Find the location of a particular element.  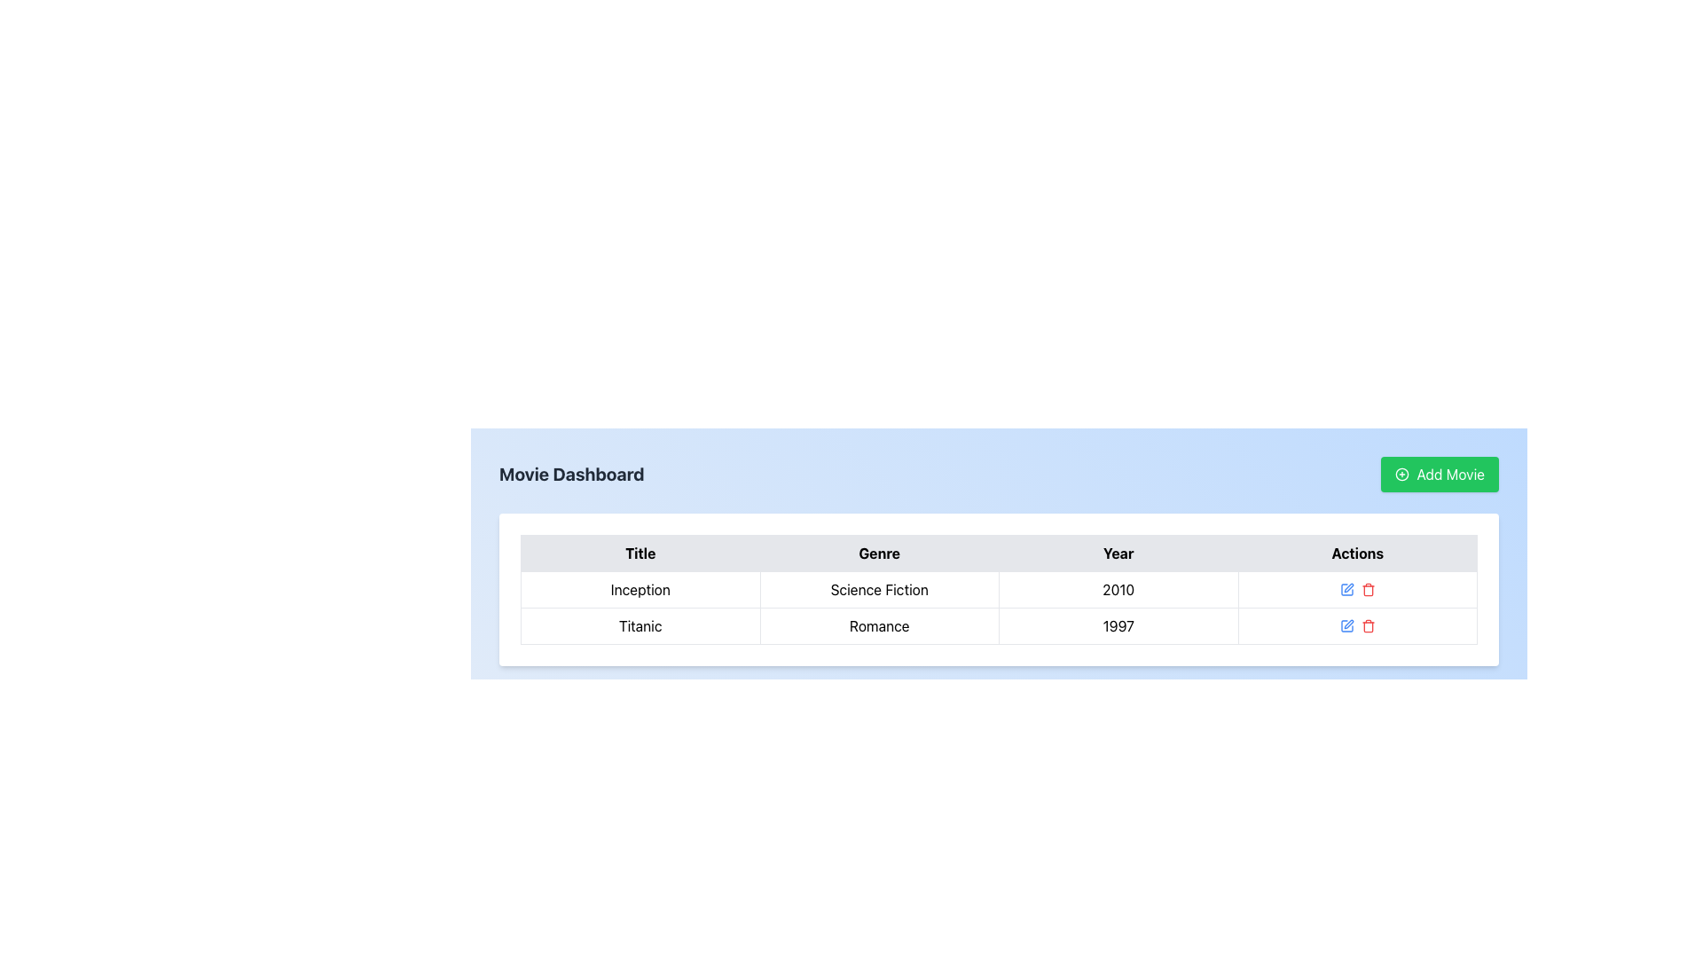

the Text Display element containing the phrase 'Science Fiction' in the movie information table for 'Inception' is located at coordinates (879, 589).